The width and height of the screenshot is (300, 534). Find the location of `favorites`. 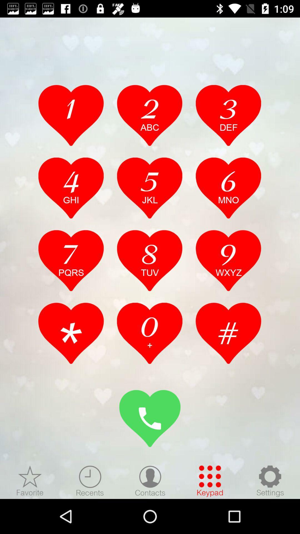

favorites is located at coordinates (30, 481).